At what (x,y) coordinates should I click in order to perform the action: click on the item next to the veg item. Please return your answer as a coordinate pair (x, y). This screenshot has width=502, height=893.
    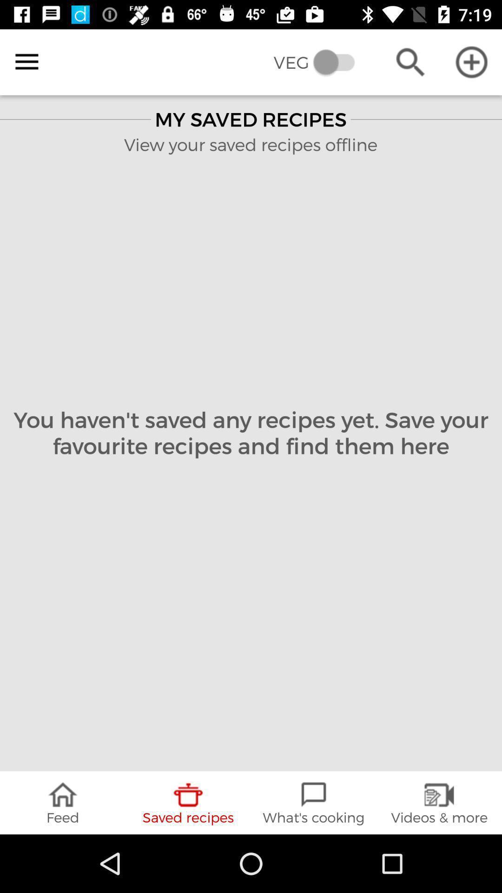
    Looking at the image, I should click on (410, 61).